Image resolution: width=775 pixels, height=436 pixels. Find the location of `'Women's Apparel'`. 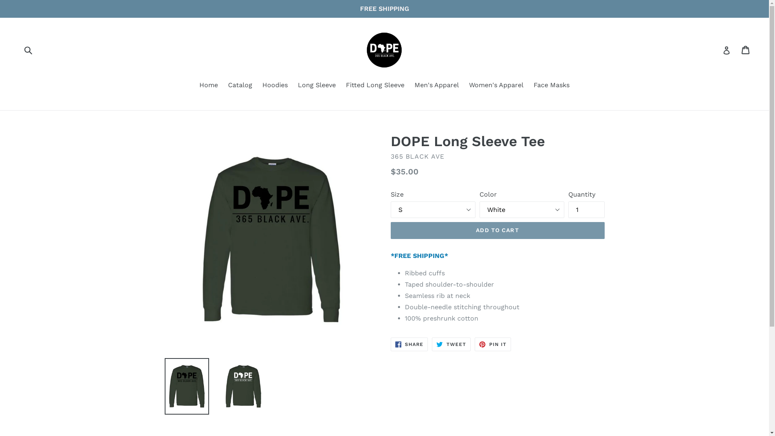

'Women's Apparel' is located at coordinates (496, 86).